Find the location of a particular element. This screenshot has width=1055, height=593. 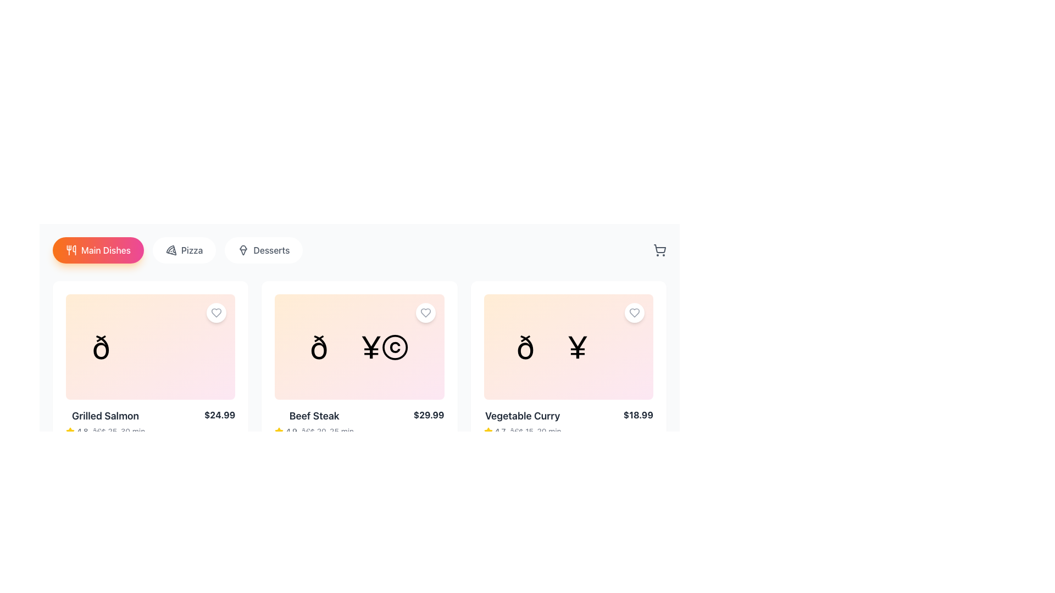

the button in the bottom-right corner with a rounded orange background is located at coordinates (643, 455).